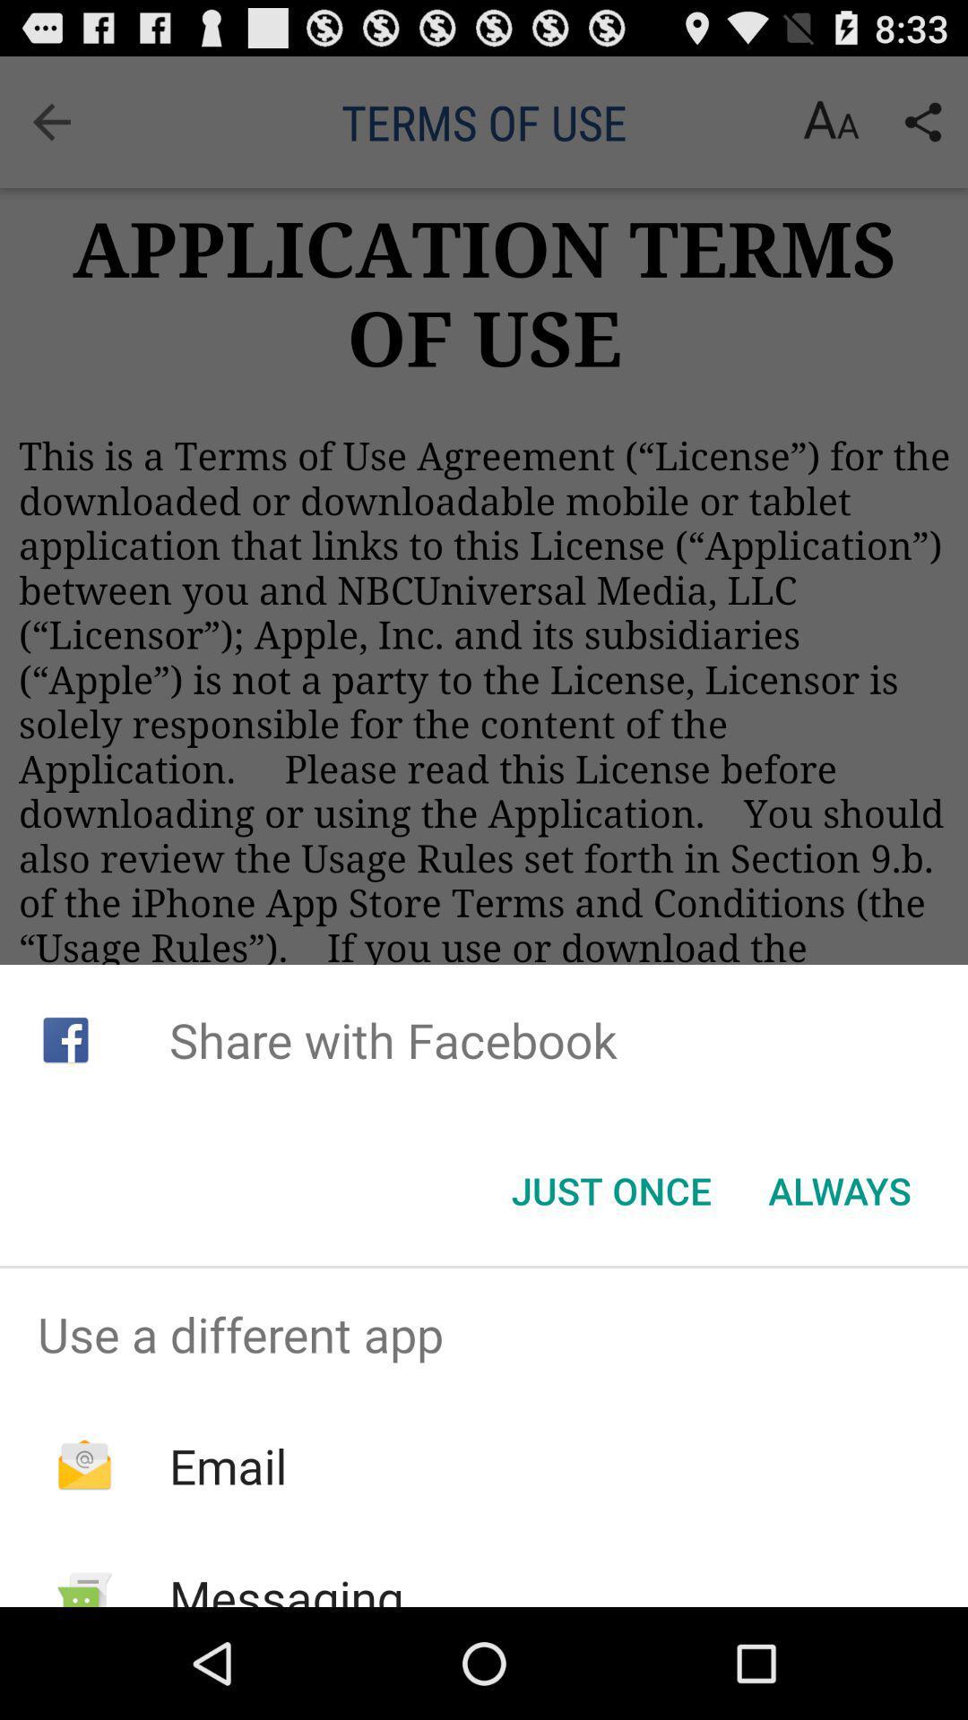  Describe the element at coordinates (610, 1191) in the screenshot. I see `just once icon` at that location.